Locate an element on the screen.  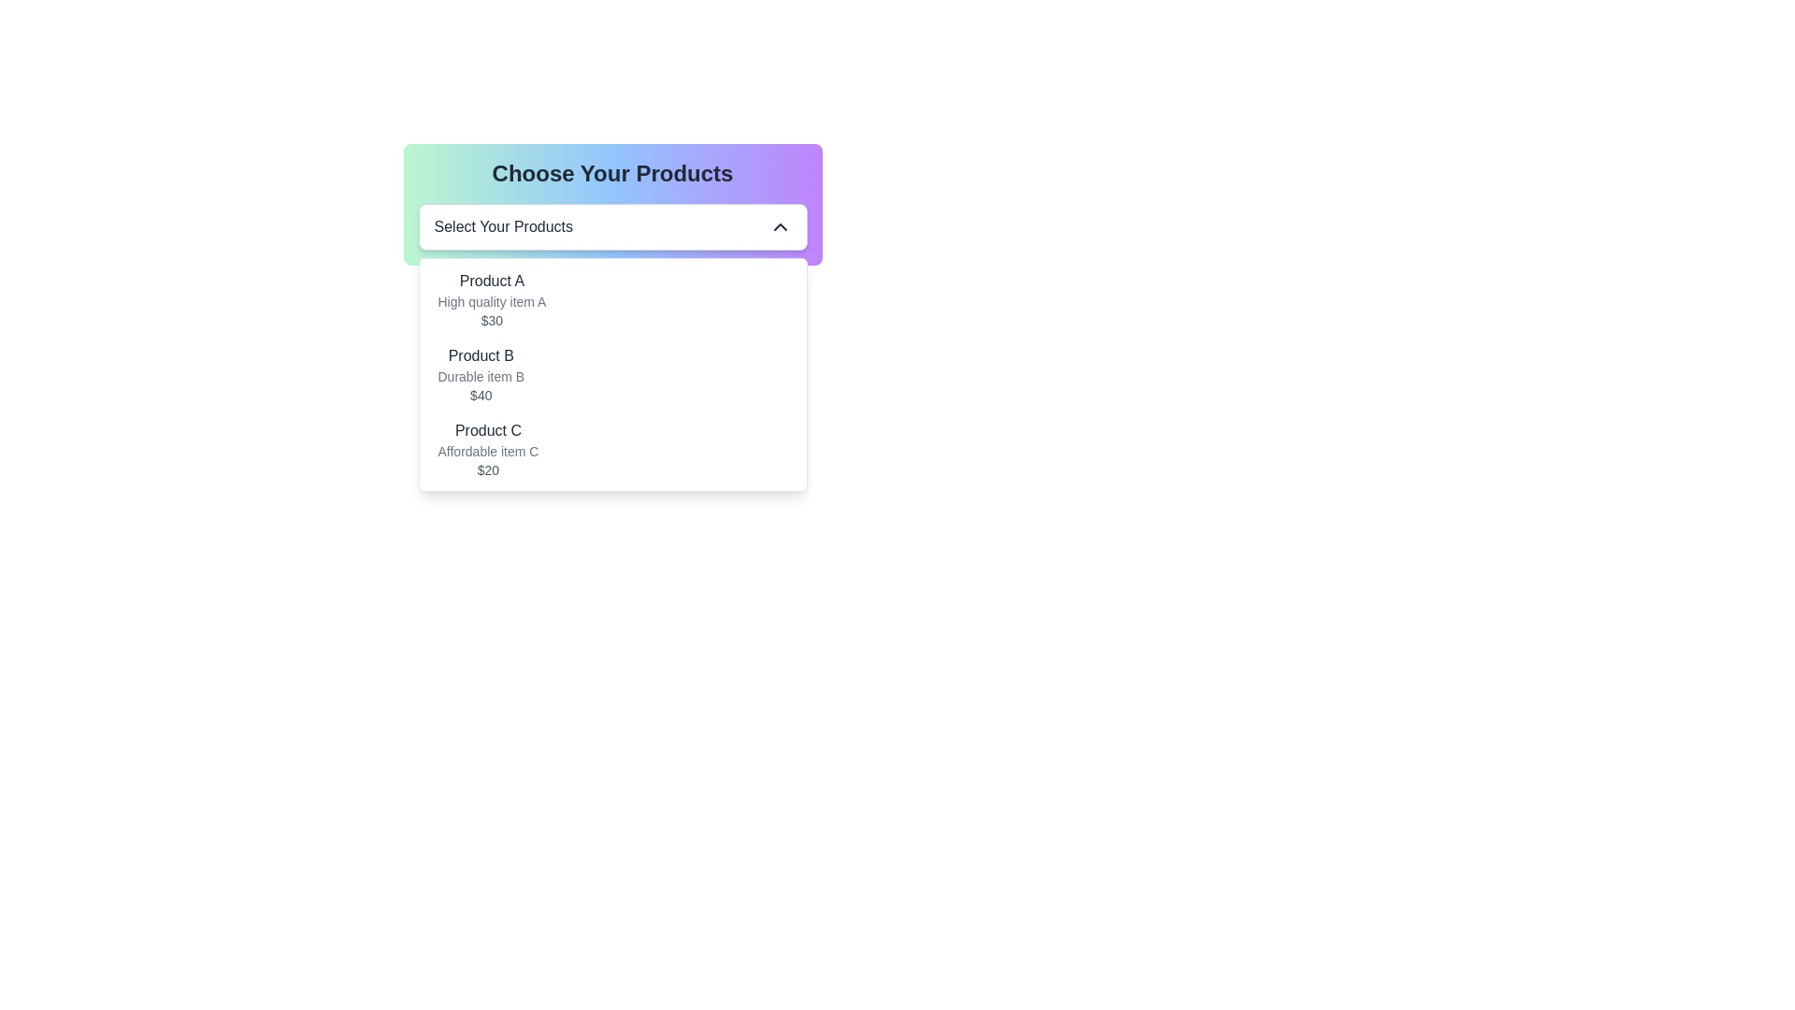
the static text label indicating the price of 'Product B', which is the third piece of information in the product list entry is located at coordinates (481, 395).